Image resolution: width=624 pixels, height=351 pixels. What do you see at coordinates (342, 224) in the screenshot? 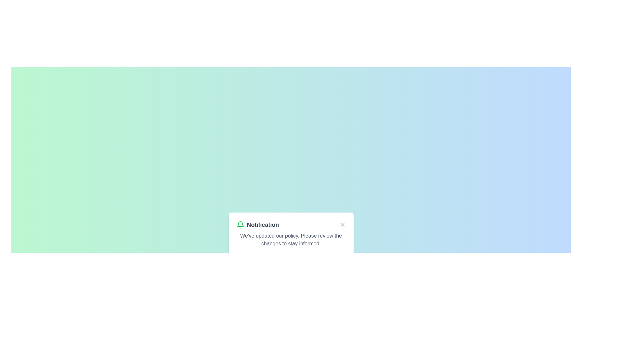
I see `the close button represented by a circular icon with a cross ('X') inside, located on the right end of the title bar inside the notification dialog adjacent to the title text 'Notification'` at bounding box center [342, 224].